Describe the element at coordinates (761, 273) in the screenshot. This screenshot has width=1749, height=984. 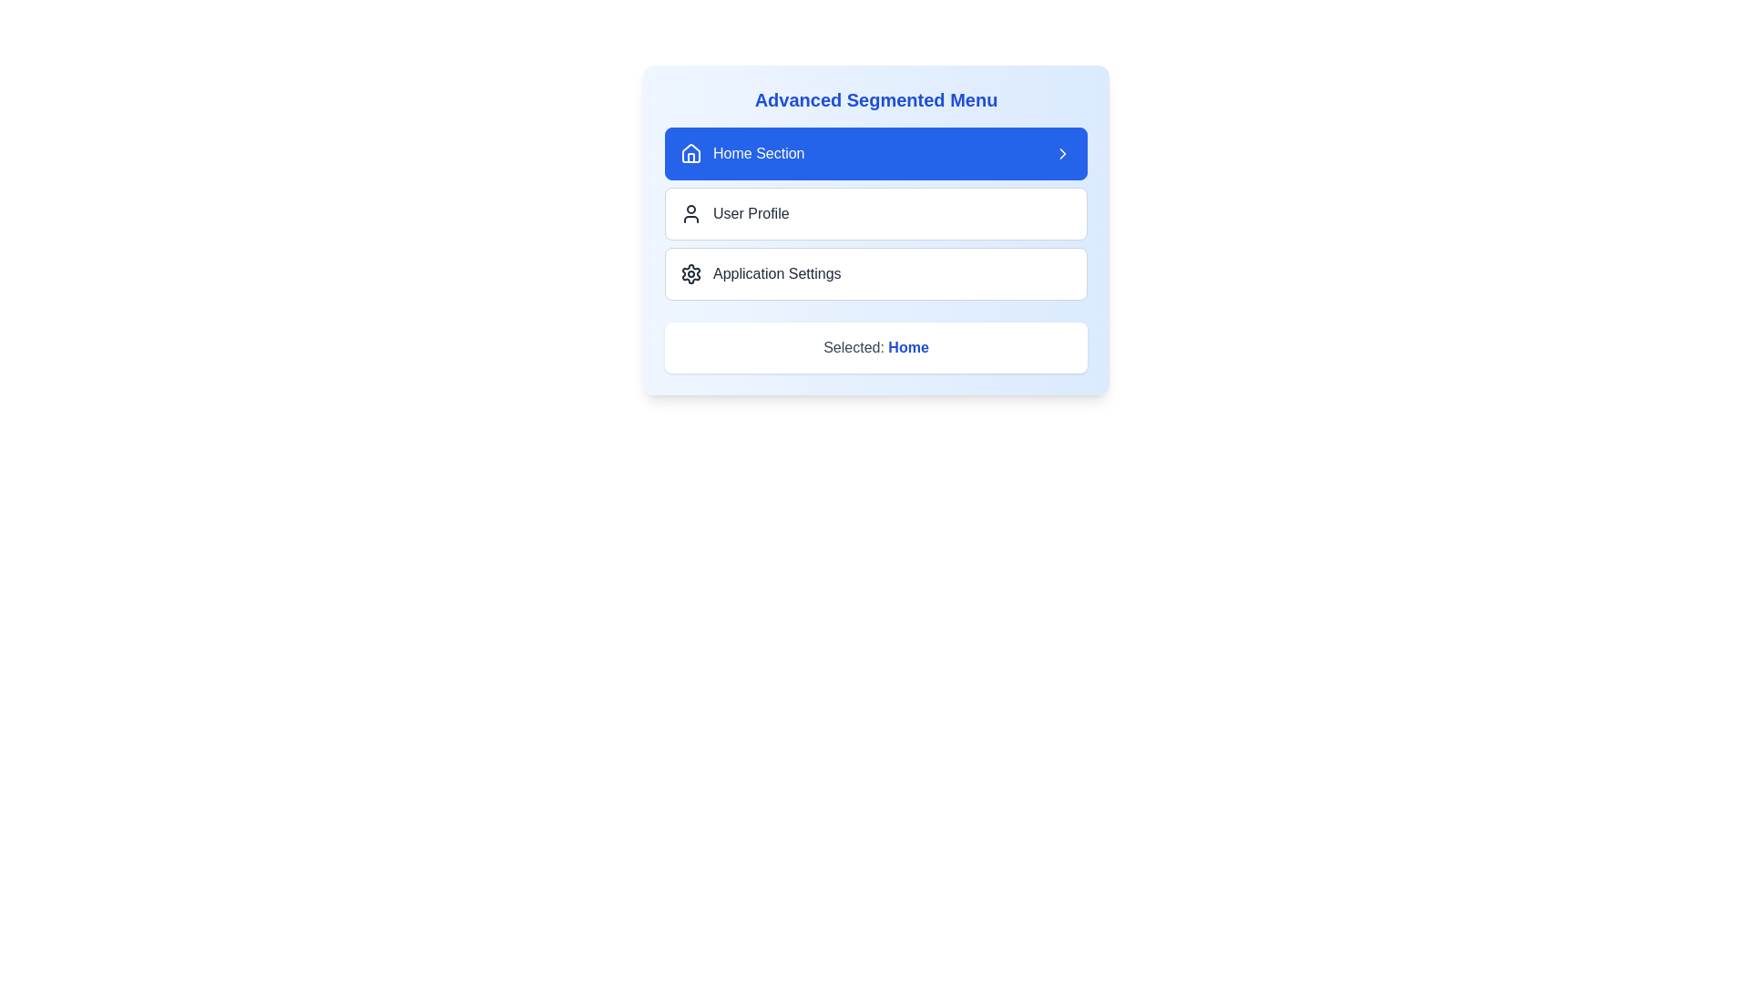
I see `the Menu item labeled 'Application Settings' which consists of a gear icon followed by the text, located in the segmented menu between 'User Profile' and 'Selected: Home'` at that location.